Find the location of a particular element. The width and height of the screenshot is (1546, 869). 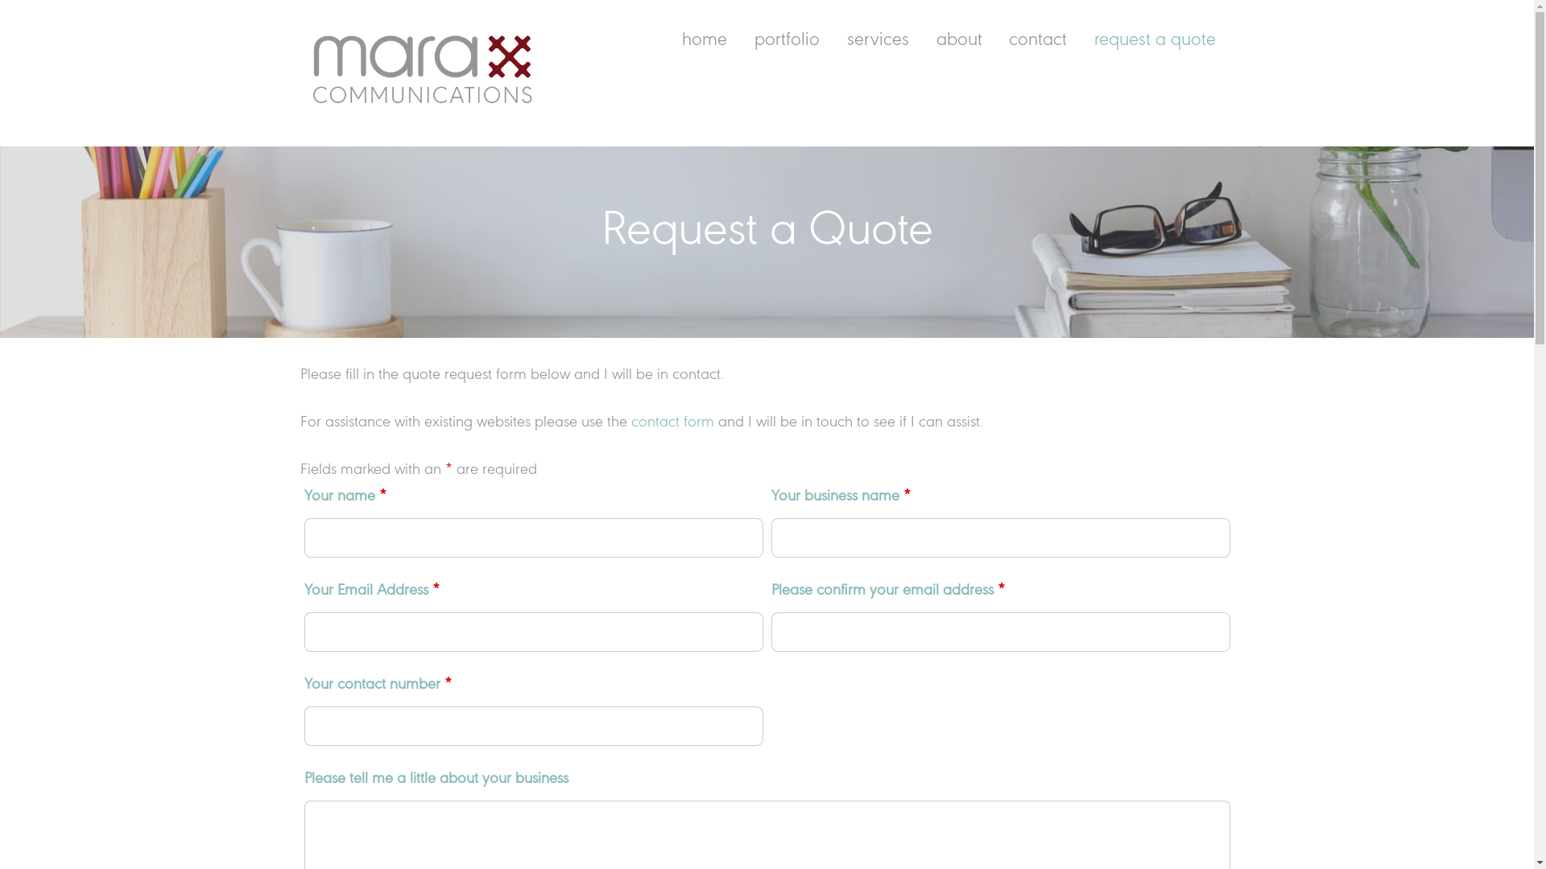

'about' is located at coordinates (958, 39).